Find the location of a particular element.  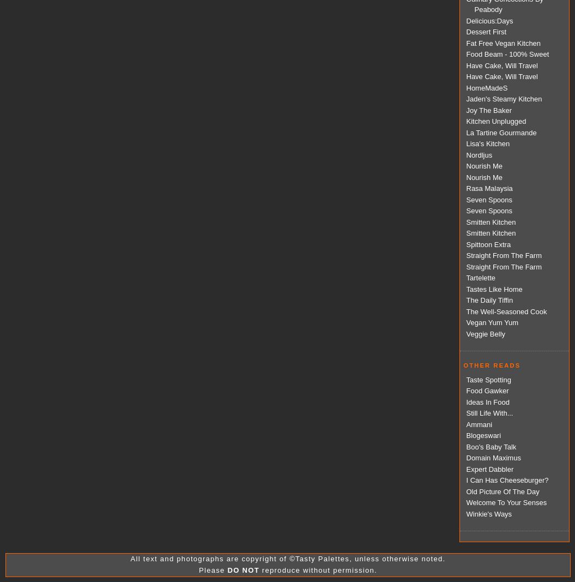

'Joy The Baker' is located at coordinates (488, 110).